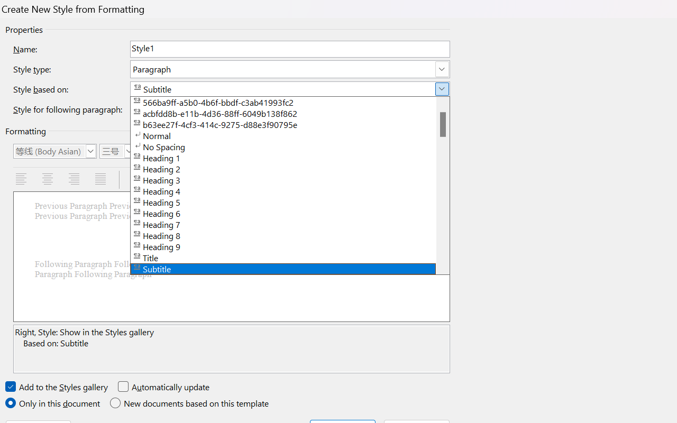  What do you see at coordinates (75, 179) in the screenshot?
I see `'Align Right'` at bounding box center [75, 179].